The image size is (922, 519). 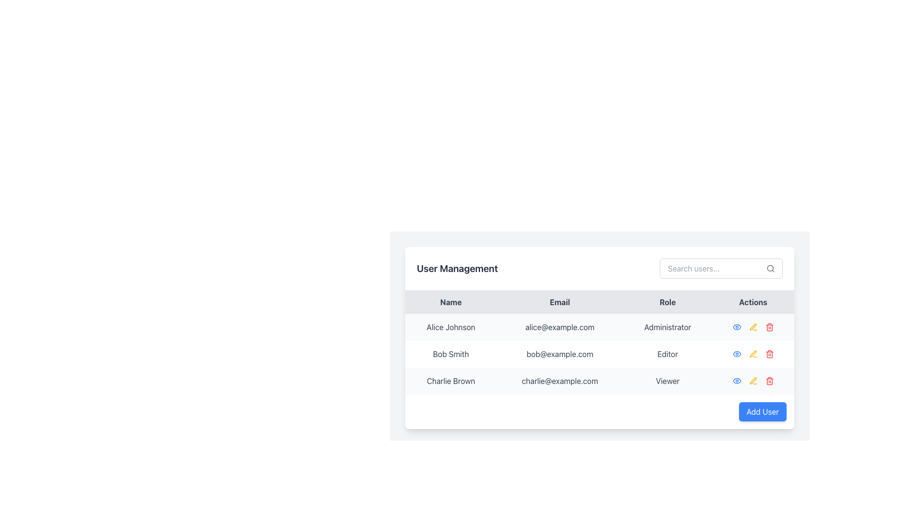 What do you see at coordinates (667, 354) in the screenshot?
I see `the static text label indicating the role assigned to the user 'Bob Smith' in the 'Role' column of the table, which is located in the second row, adjacent to the 'Email' column` at bounding box center [667, 354].